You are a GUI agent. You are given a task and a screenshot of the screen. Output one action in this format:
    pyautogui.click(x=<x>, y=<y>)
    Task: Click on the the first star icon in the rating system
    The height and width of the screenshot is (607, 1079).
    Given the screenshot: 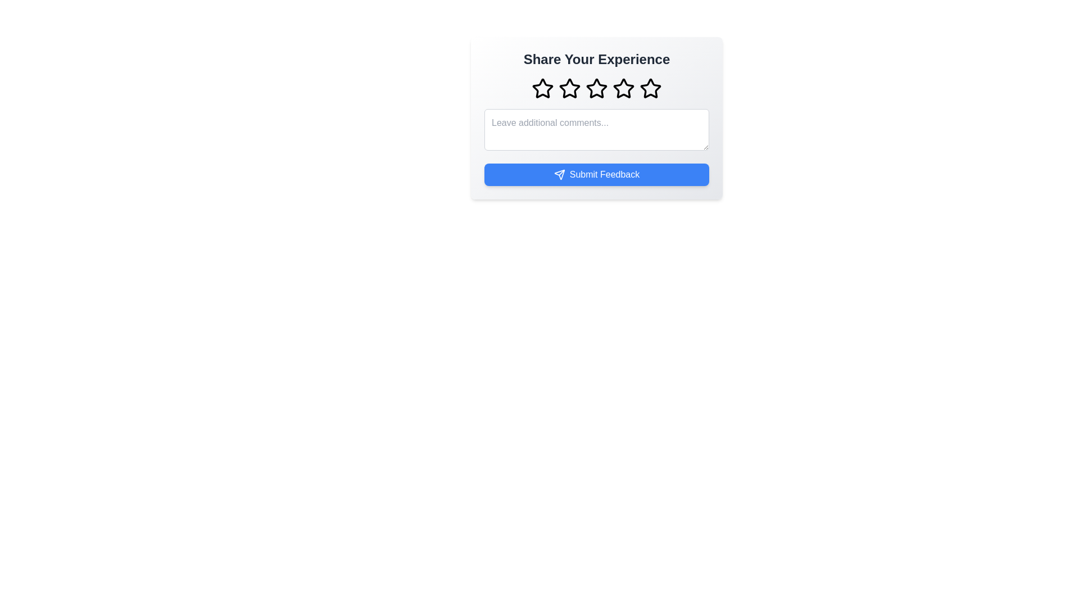 What is the action you would take?
    pyautogui.click(x=542, y=88)
    